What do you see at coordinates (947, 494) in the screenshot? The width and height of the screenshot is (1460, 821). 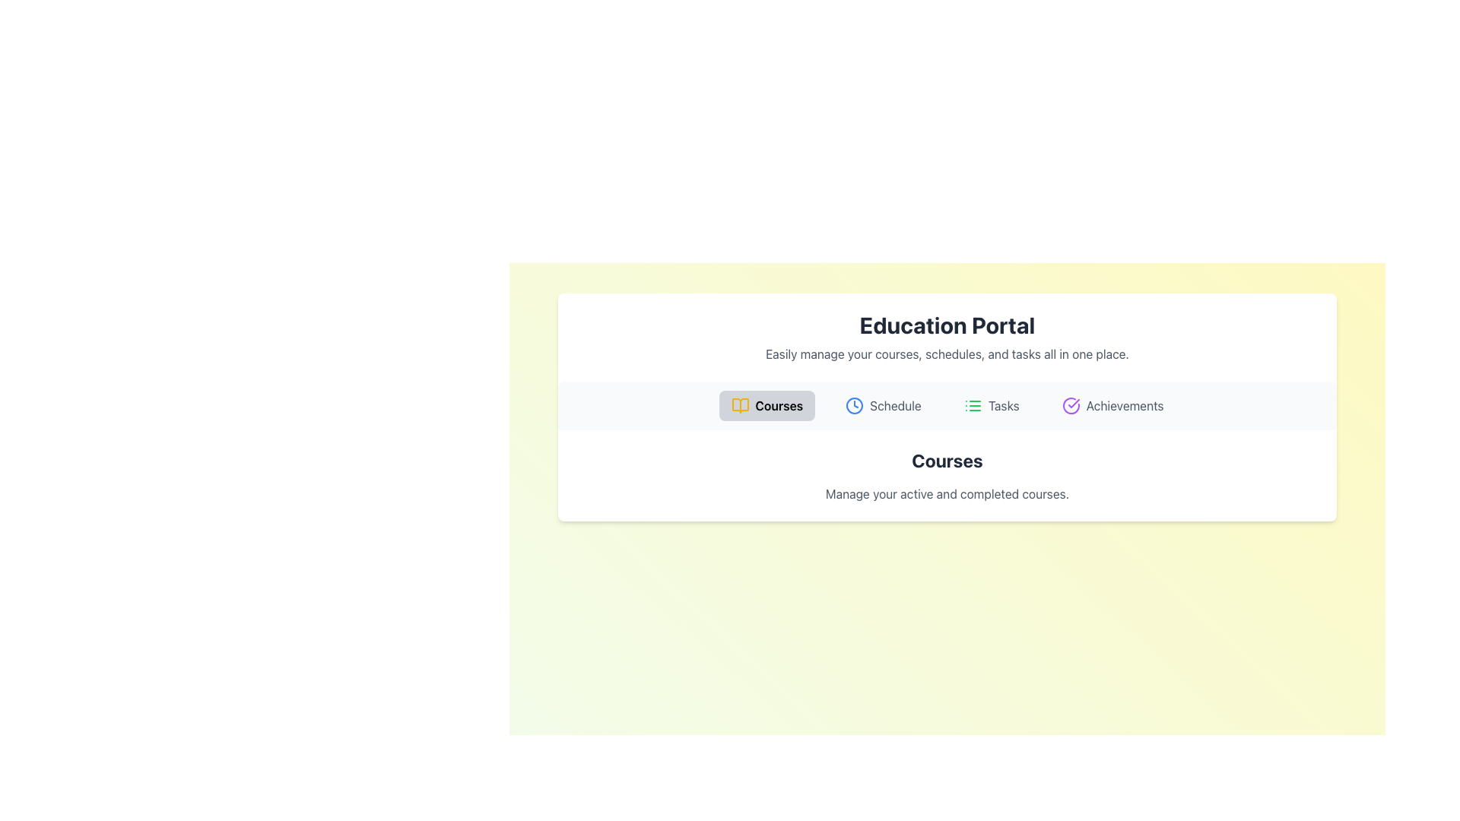 I see `the static text element that contains the message 'Manage your active and completed courses.' which is styled with a gray color and located beneath the header 'Courses' within a card-like area` at bounding box center [947, 494].